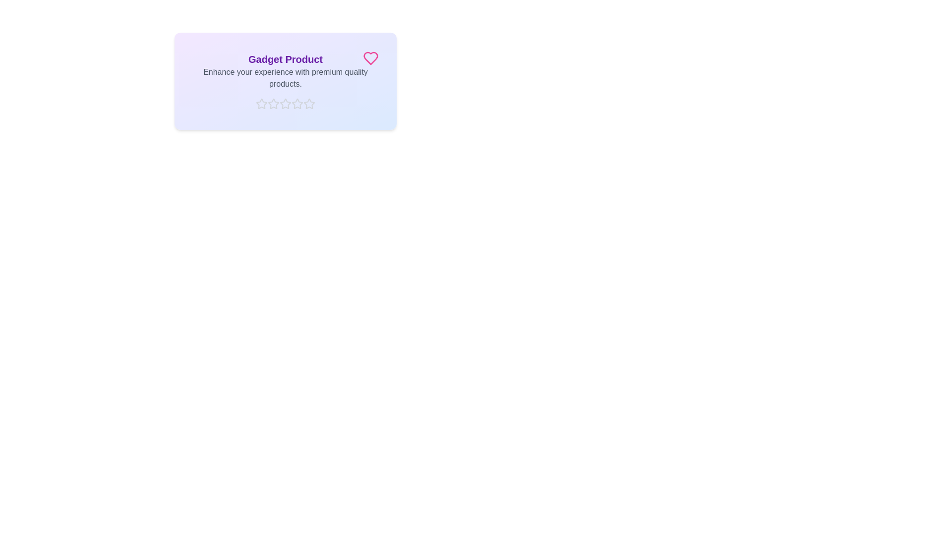  What do you see at coordinates (285, 104) in the screenshot?
I see `the star corresponding to the rating 3` at bounding box center [285, 104].